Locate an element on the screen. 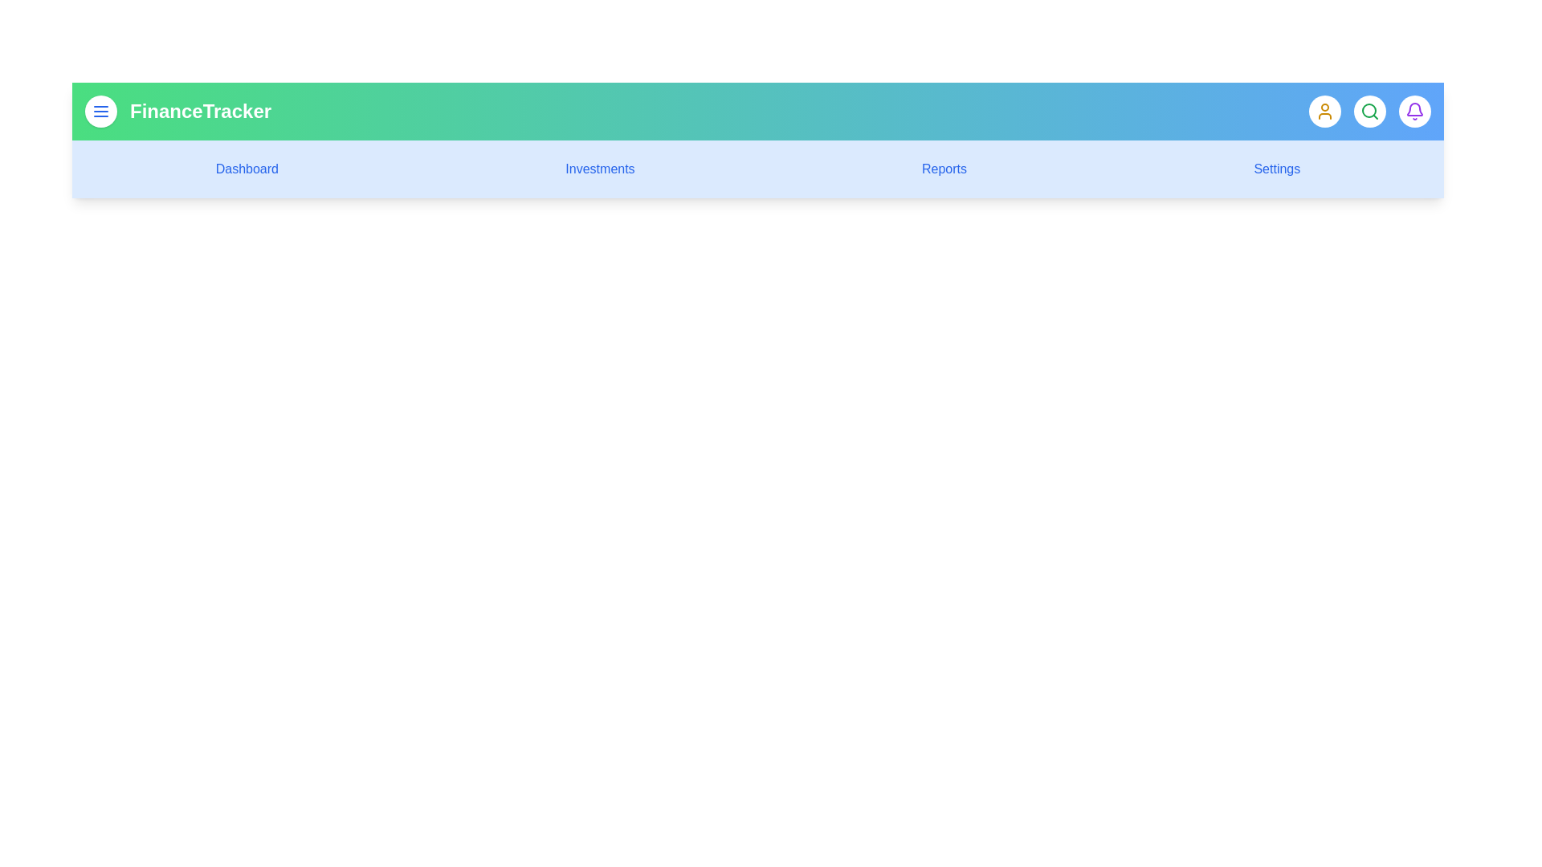  the menu button to toggle the menu visibility is located at coordinates (100, 110).